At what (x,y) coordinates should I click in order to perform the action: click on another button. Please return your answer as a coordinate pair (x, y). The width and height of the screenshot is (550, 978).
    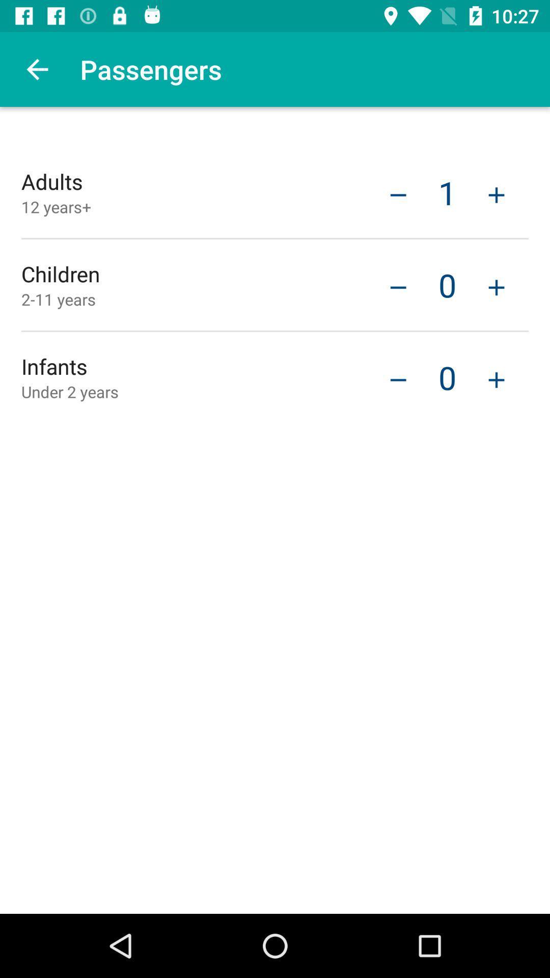
    Looking at the image, I should click on (496, 286).